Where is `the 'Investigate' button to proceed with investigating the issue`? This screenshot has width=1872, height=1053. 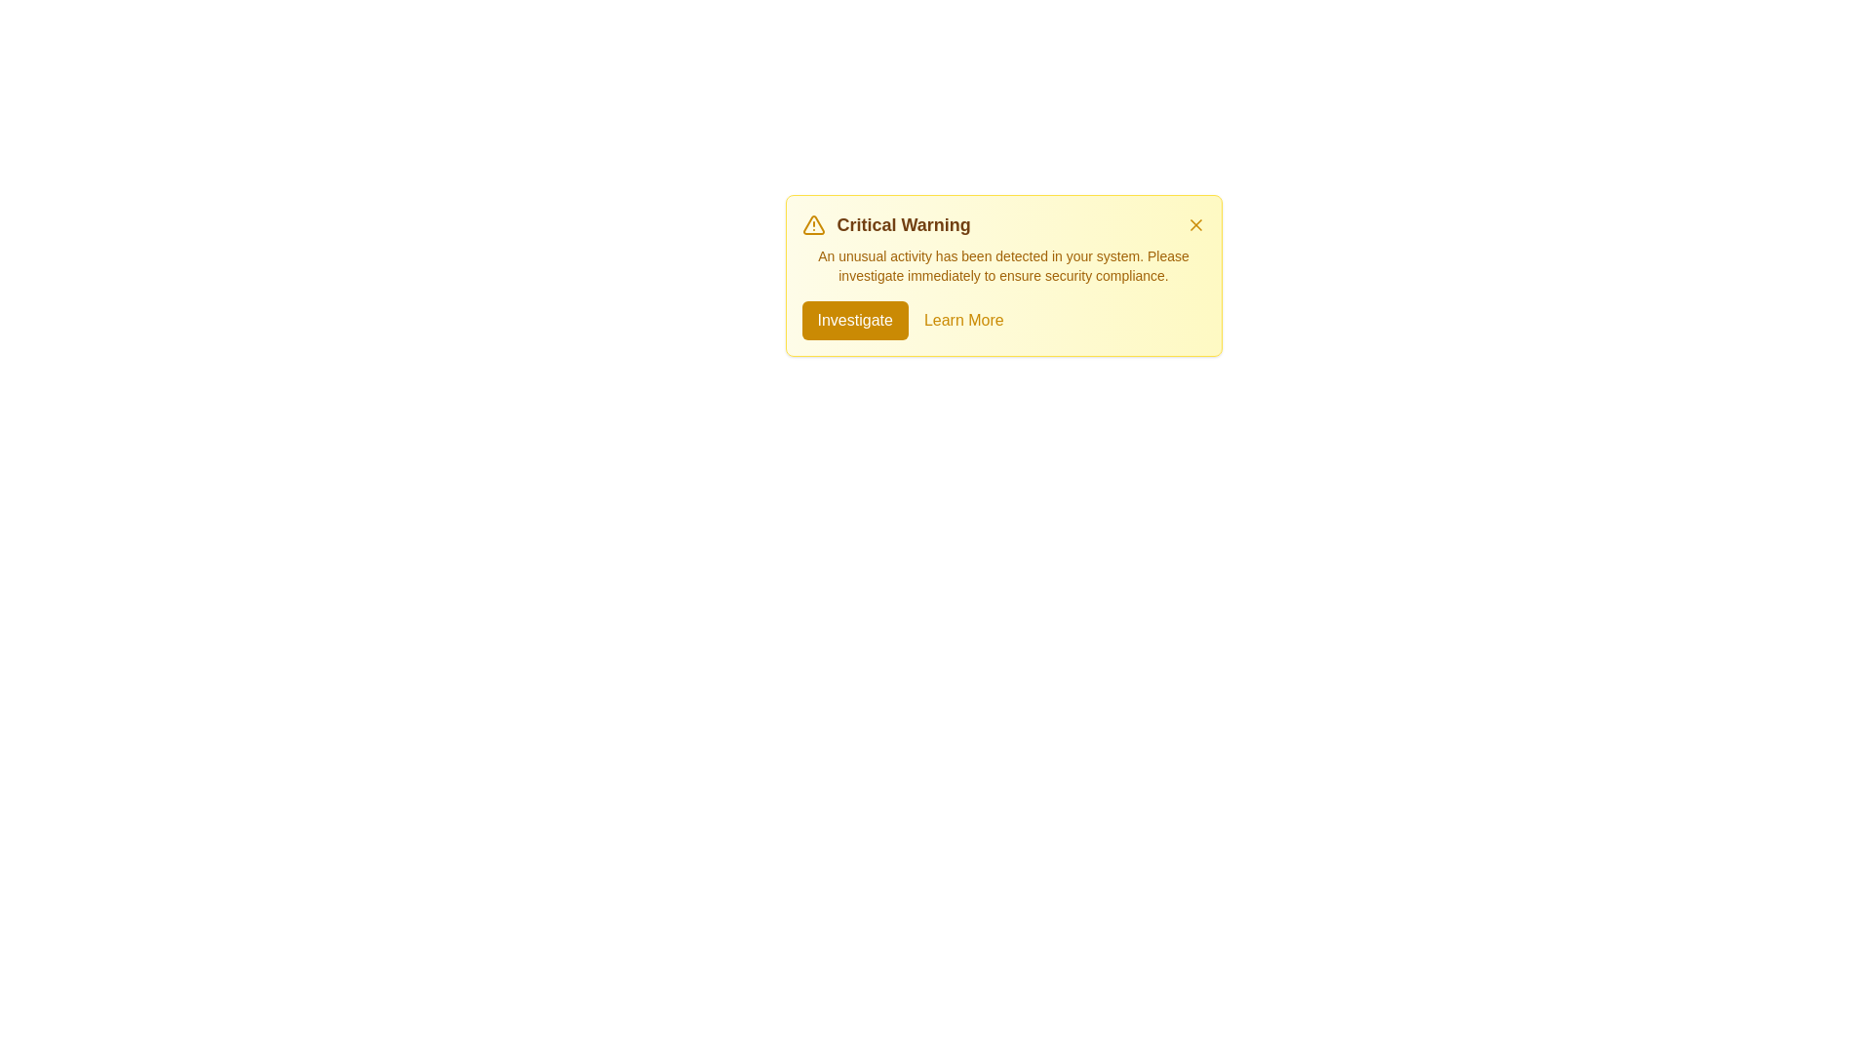
the 'Investigate' button to proceed with investigating the issue is located at coordinates (855, 319).